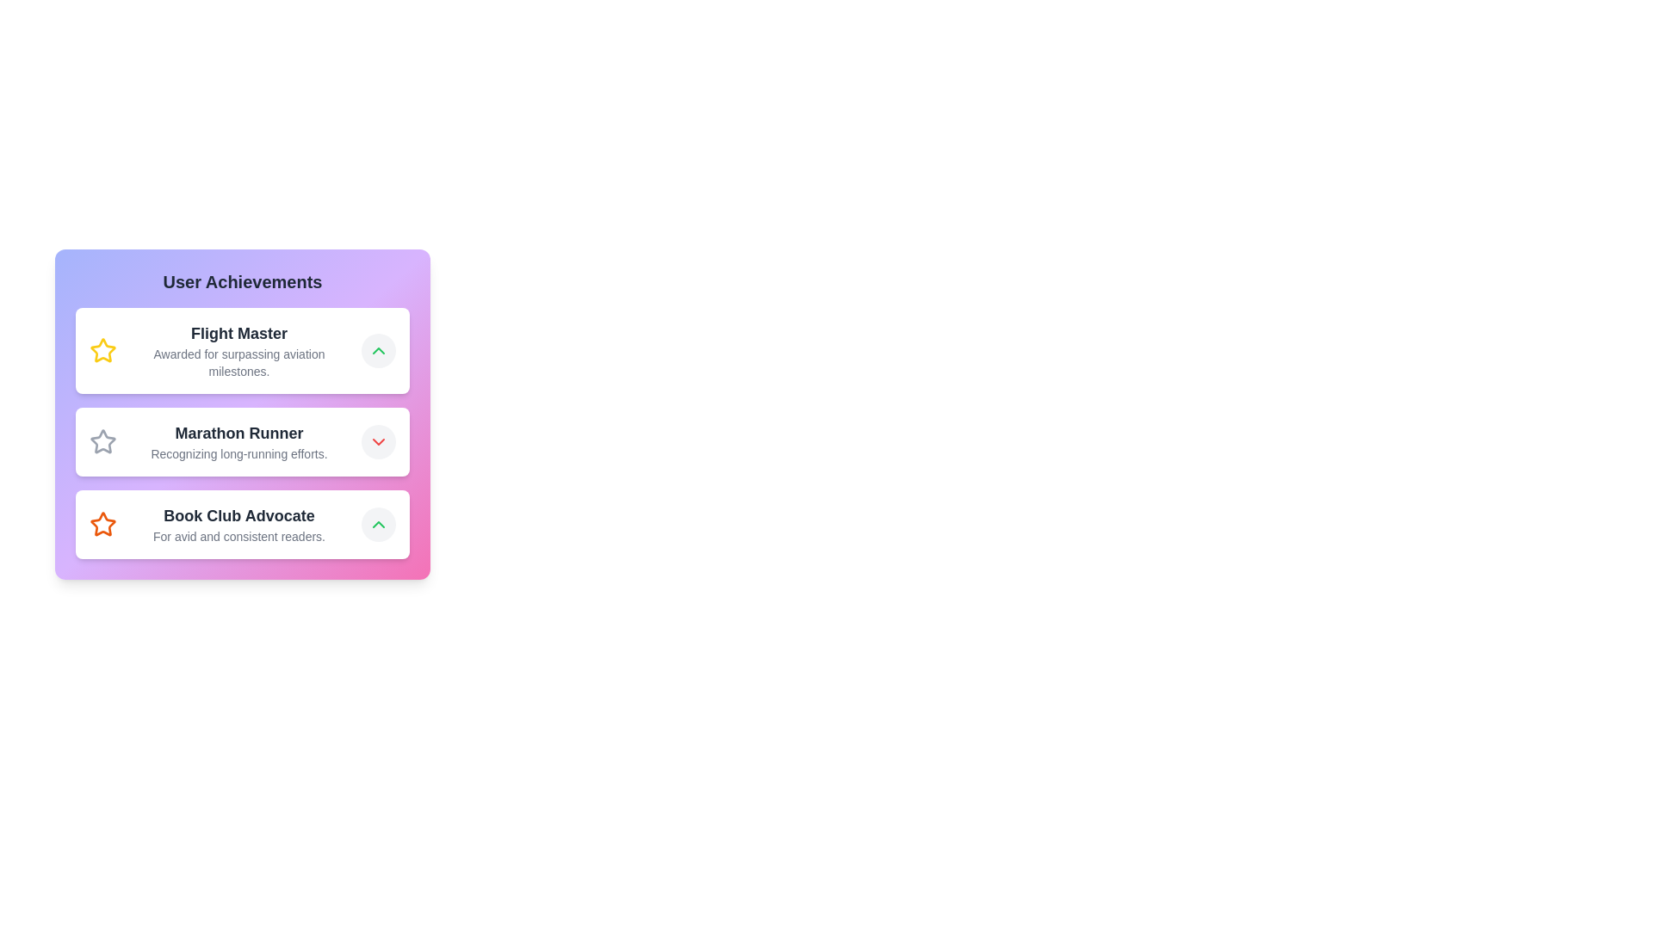  I want to click on the downward-pointing chevron icon styled with red color and rounded edges, located within a light gray circular background, so click(378, 440).